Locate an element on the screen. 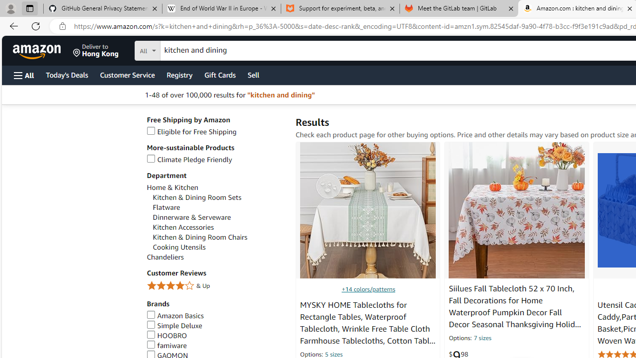 This screenshot has width=636, height=358. 'End of World War II in Europe - Wikipedia' is located at coordinates (221, 8).